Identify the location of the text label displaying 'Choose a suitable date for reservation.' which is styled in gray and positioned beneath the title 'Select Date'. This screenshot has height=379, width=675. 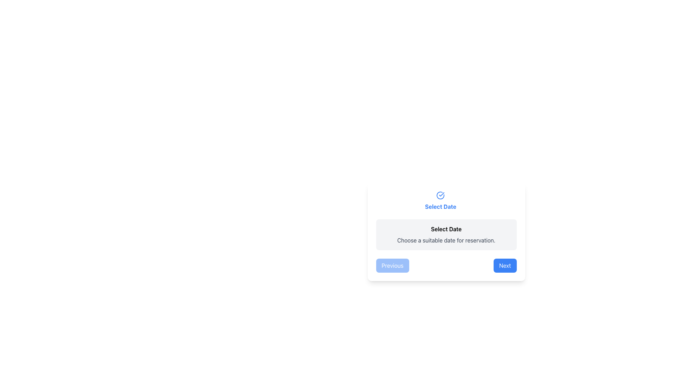
(446, 240).